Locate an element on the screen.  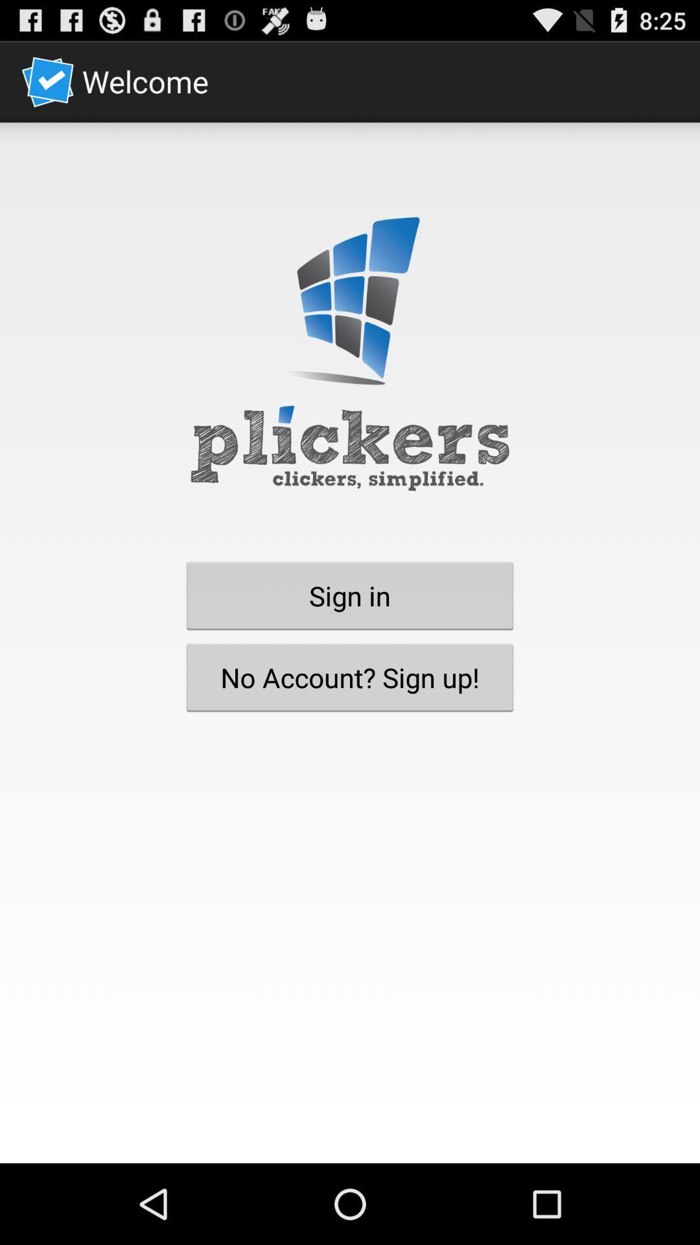
the item below sign in button is located at coordinates (350, 676).